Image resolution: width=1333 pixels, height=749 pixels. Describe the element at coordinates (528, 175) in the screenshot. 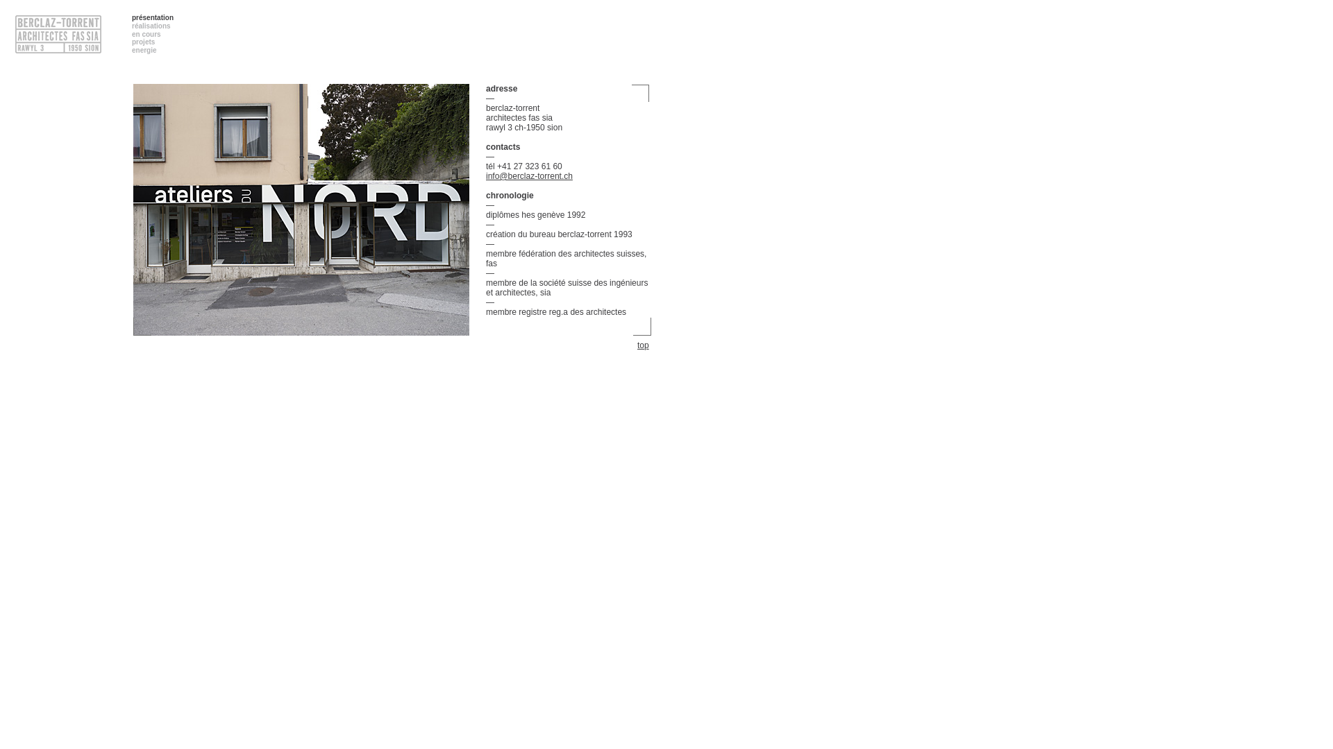

I see `'info@berclaz-torrent.ch'` at that location.